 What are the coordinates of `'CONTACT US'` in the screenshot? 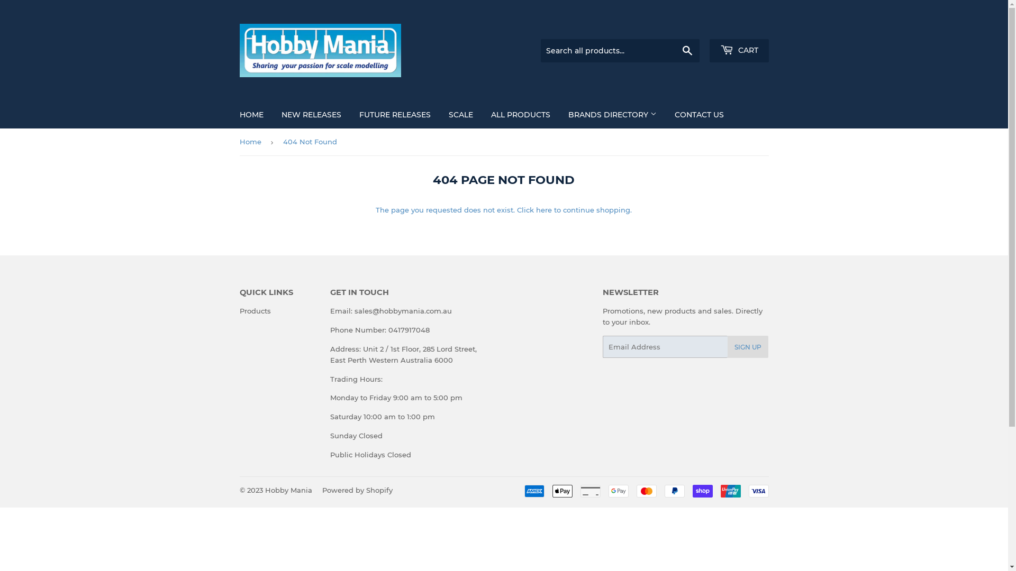 It's located at (699, 114).